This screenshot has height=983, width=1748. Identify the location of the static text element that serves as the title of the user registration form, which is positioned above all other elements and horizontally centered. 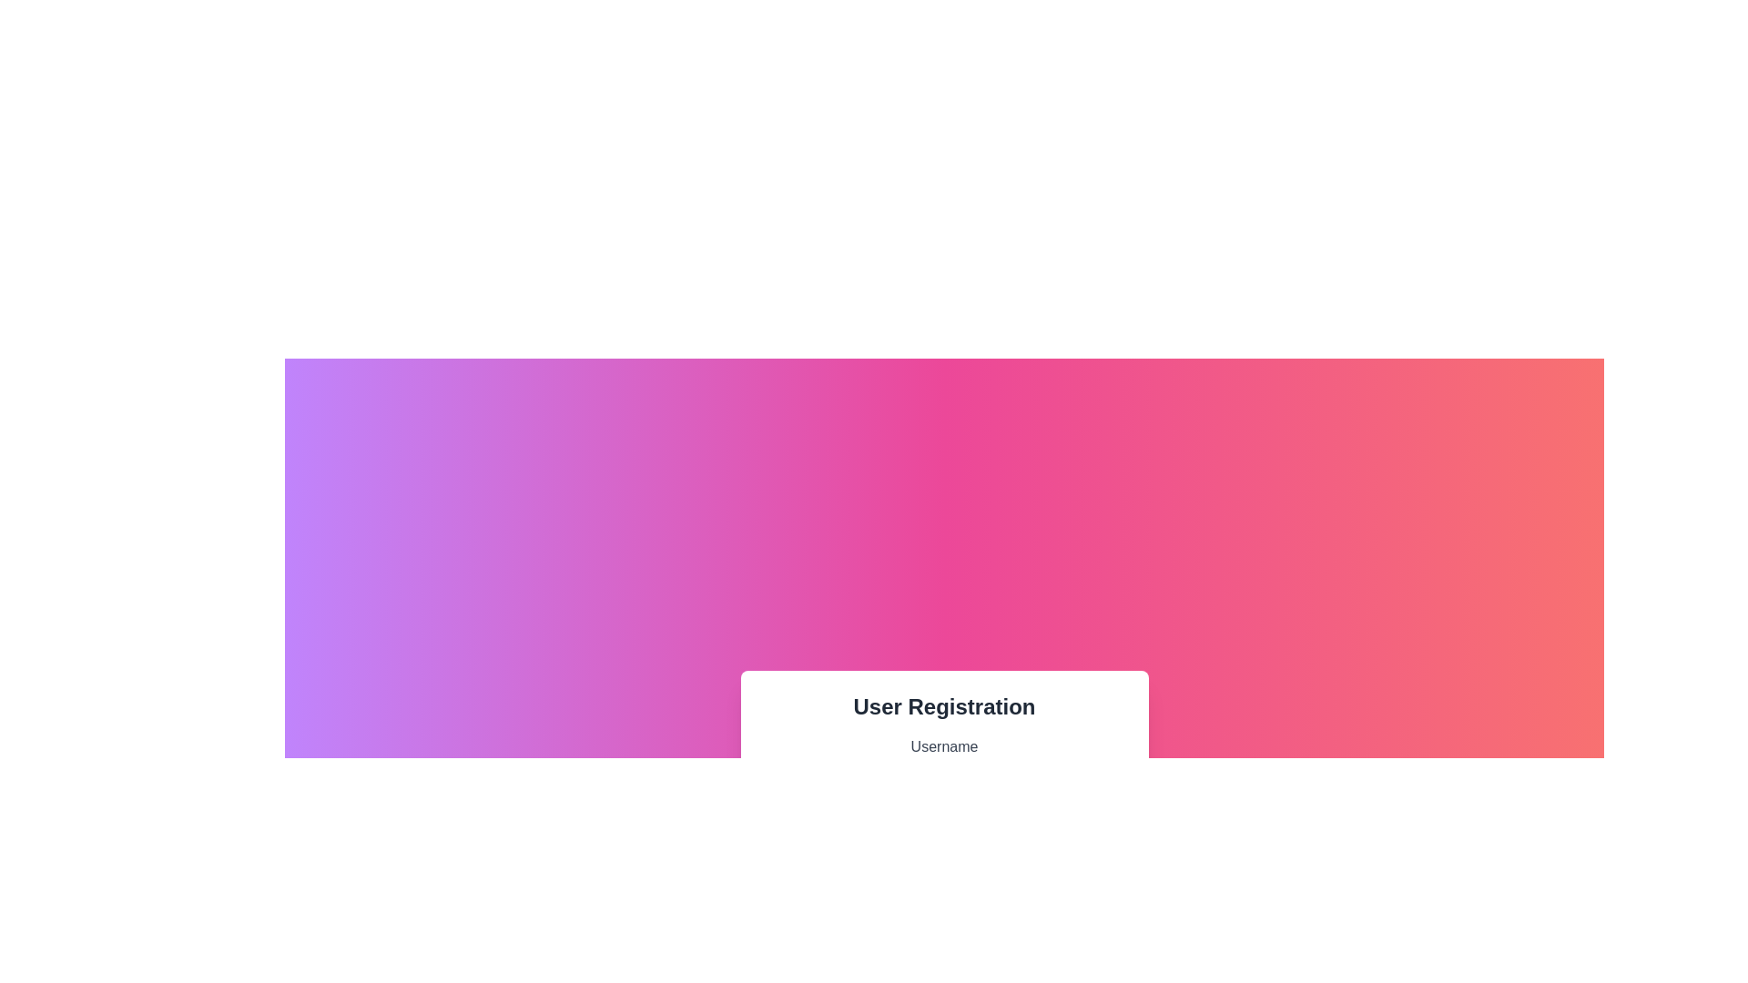
(944, 705).